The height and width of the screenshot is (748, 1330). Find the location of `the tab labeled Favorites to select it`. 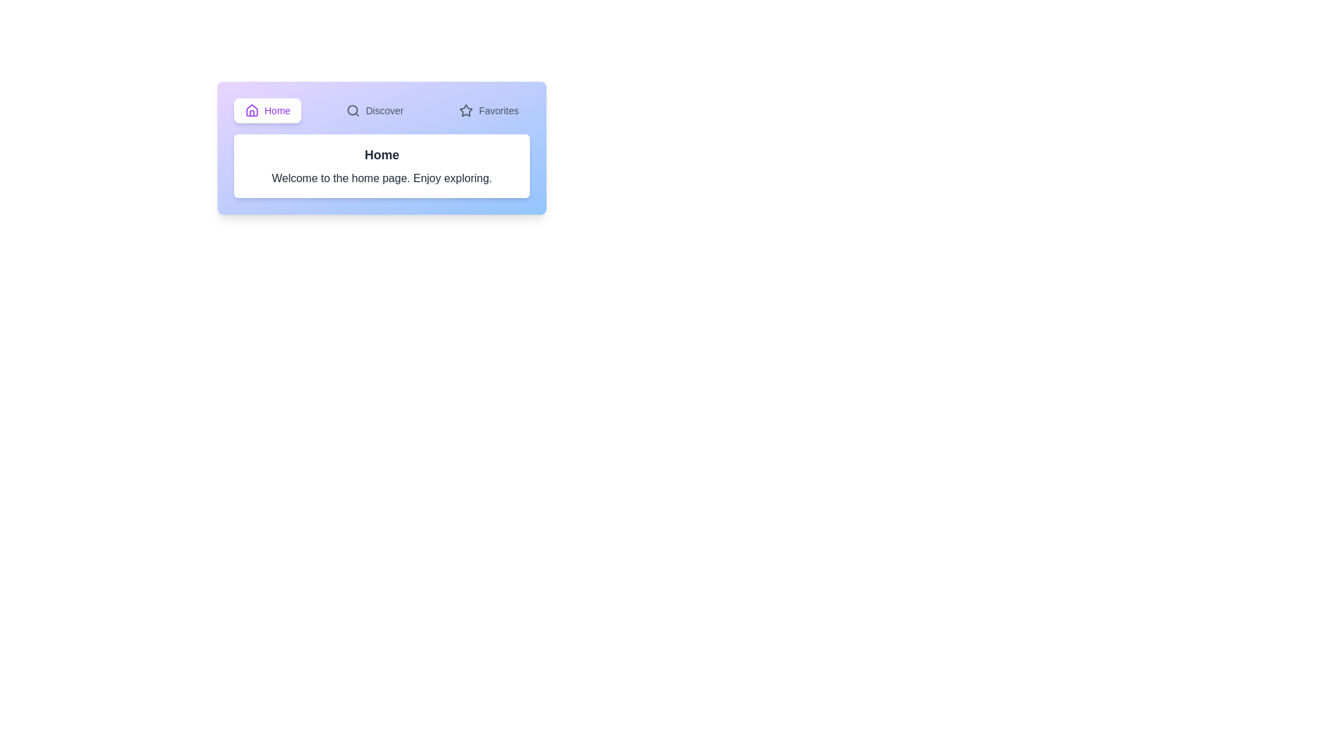

the tab labeled Favorites to select it is located at coordinates (489, 109).